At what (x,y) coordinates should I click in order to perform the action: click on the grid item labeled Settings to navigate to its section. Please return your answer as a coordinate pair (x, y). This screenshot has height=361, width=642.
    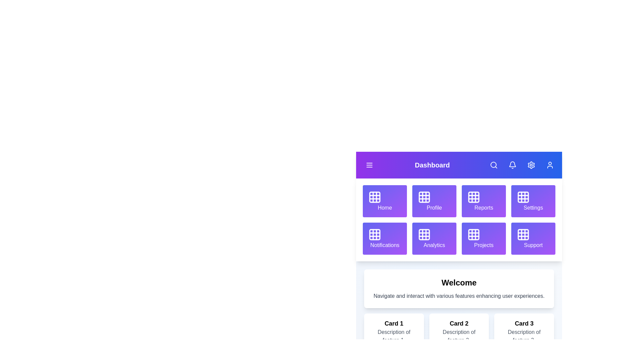
    Looking at the image, I should click on (533, 201).